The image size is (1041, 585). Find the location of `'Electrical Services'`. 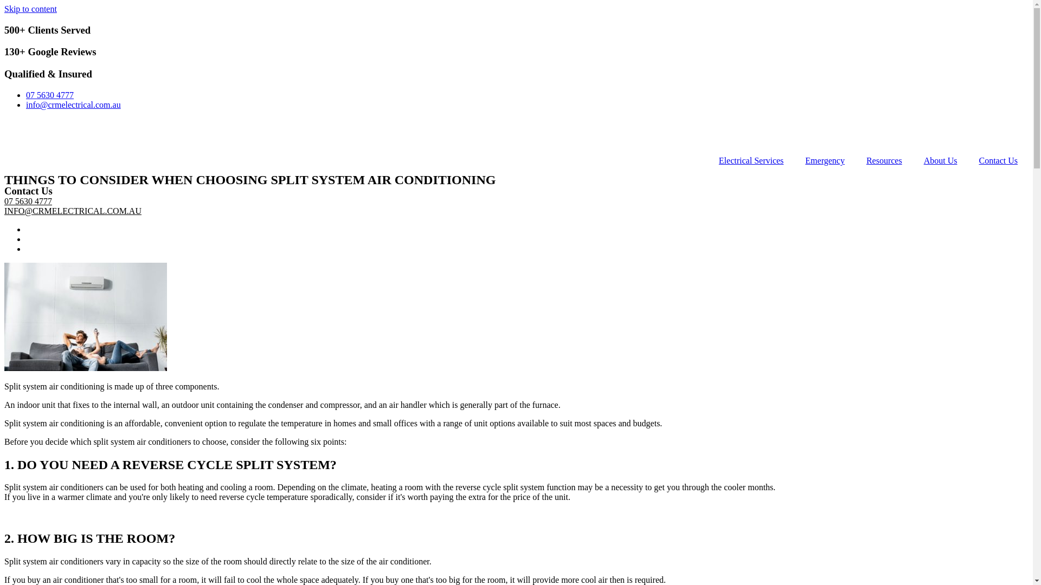

'Electrical Services' is located at coordinates (708, 161).